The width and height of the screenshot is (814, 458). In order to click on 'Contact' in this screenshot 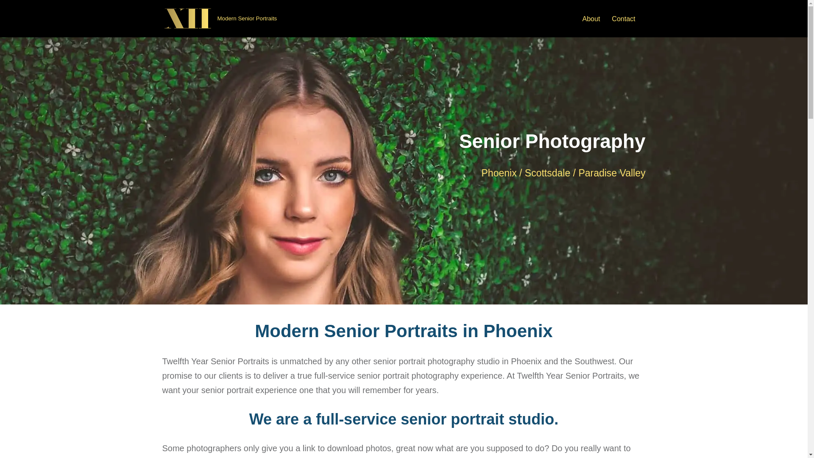, I will do `click(623, 19)`.